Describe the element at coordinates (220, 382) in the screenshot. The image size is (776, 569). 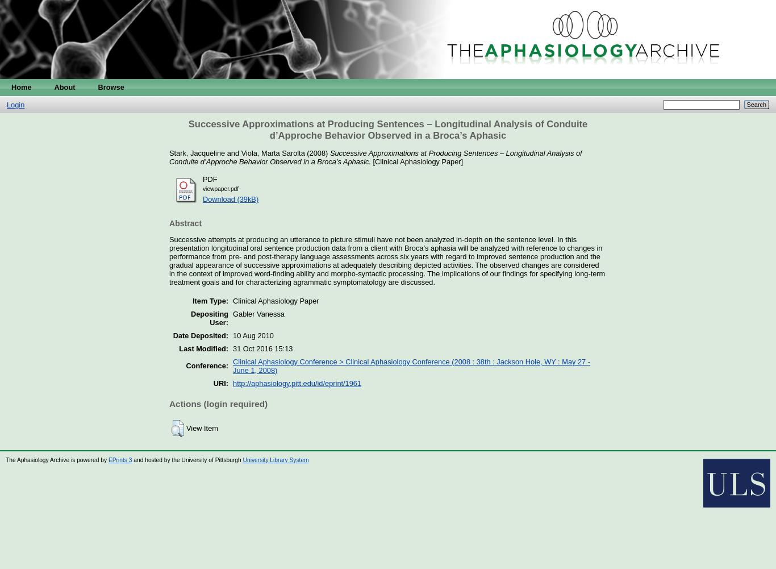
I see `'URI:'` at that location.